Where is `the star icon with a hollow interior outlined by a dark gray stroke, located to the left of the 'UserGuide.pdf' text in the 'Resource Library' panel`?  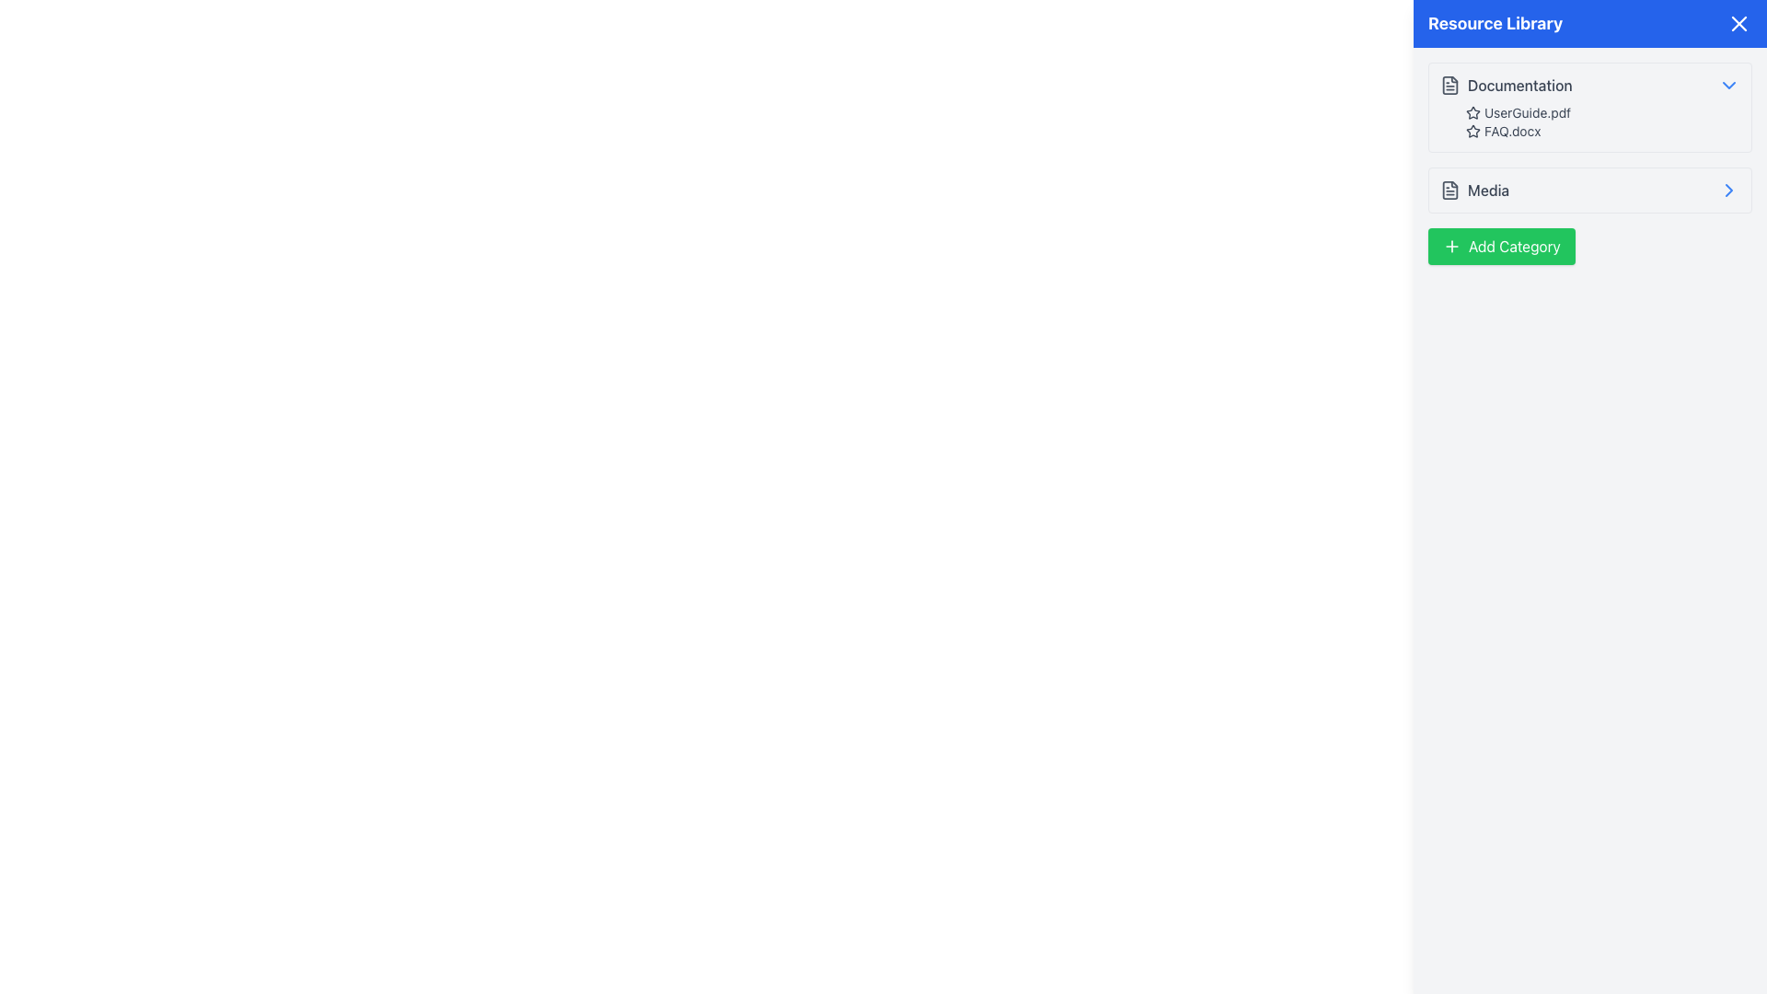
the star icon with a hollow interior outlined by a dark gray stroke, located to the left of the 'UserGuide.pdf' text in the 'Resource Library' panel is located at coordinates (1473, 113).